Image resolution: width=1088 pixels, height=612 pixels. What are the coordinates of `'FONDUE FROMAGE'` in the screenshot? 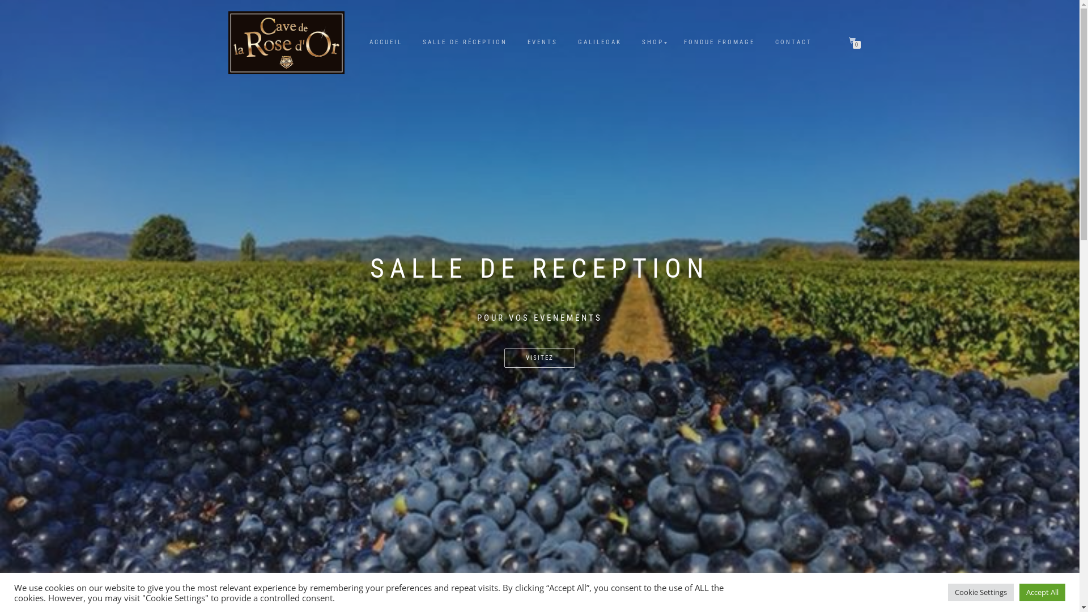 It's located at (719, 41).